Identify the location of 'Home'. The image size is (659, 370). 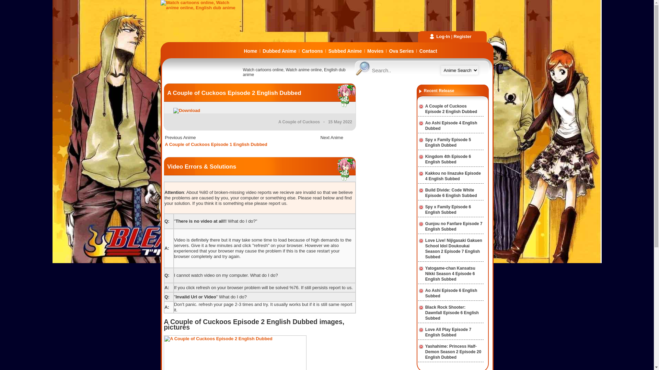
(250, 51).